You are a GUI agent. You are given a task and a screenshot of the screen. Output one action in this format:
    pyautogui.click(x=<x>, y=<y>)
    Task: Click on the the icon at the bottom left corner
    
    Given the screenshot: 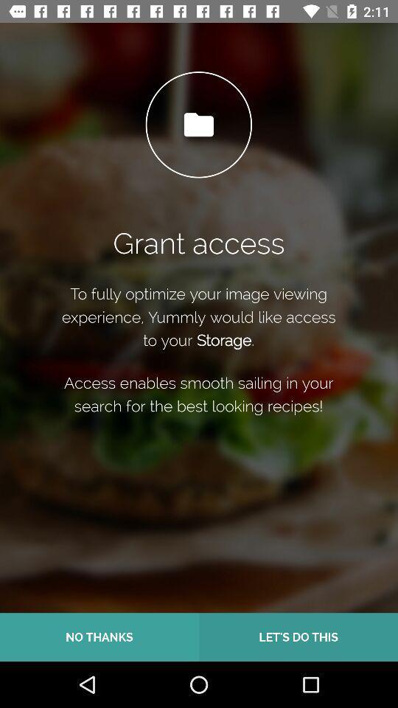 What is the action you would take?
    pyautogui.click(x=99, y=636)
    